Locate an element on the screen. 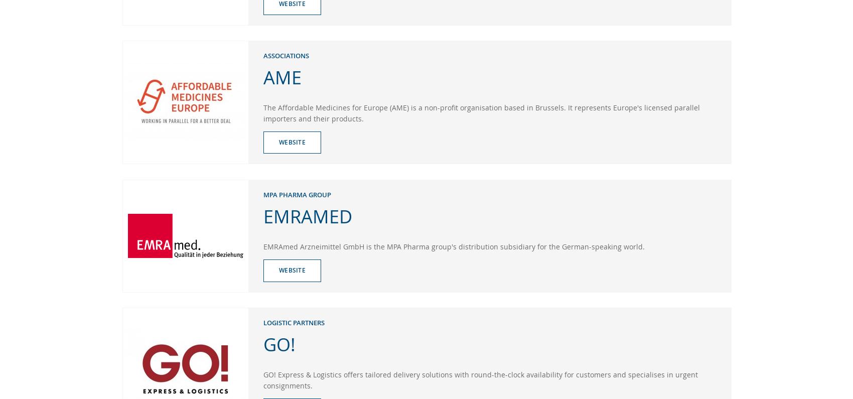 The width and height of the screenshot is (853, 399). 'EMRAMED' is located at coordinates (263, 216).